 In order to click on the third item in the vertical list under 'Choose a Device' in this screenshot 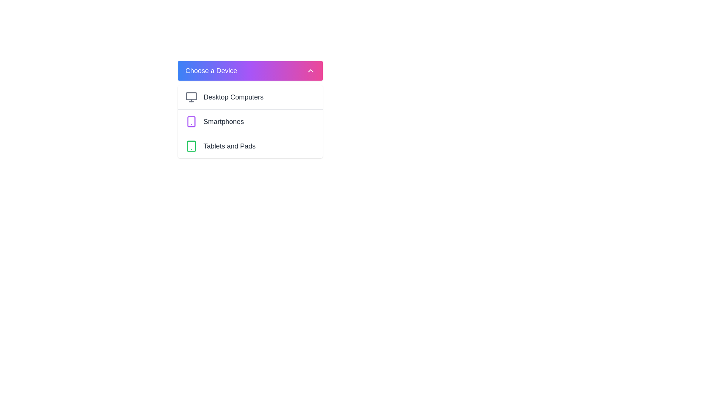, I will do `click(250, 146)`.